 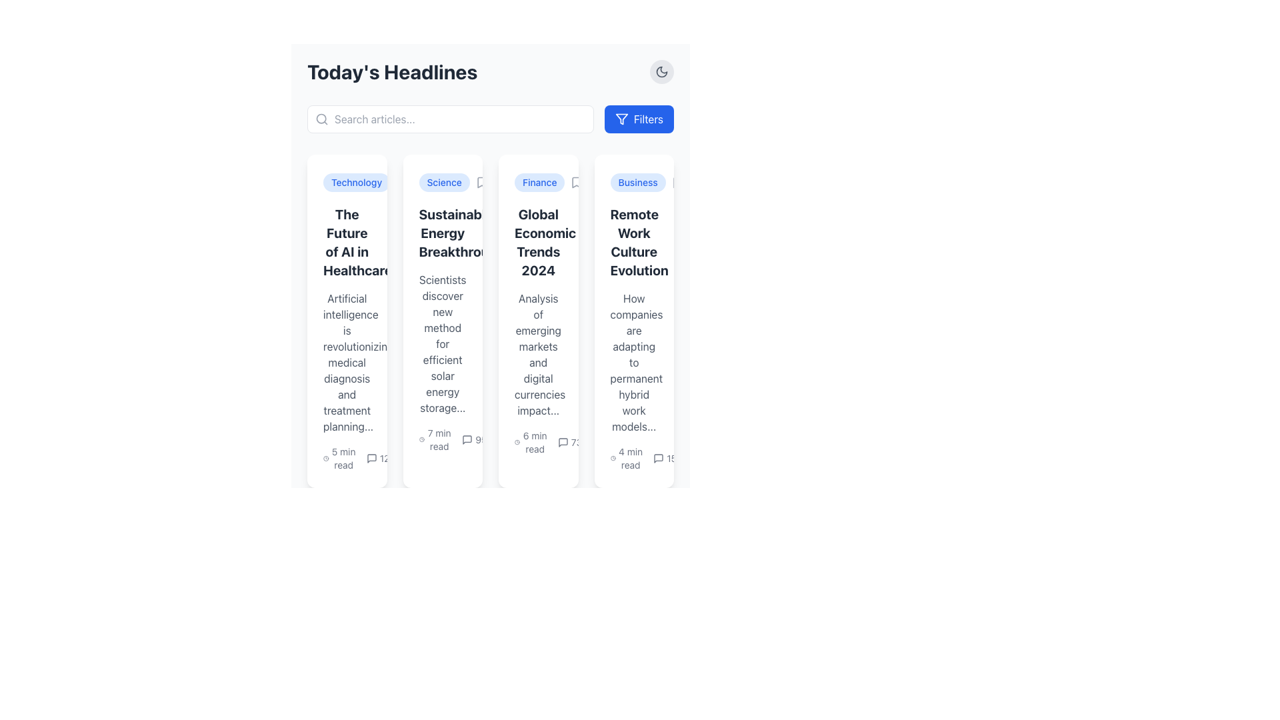 I want to click on the static text element with an accompanying icon that estimates the reading time for the card titled 'The Future of AI in Healthcare', located in the bottom metadata section, so click(x=347, y=457).